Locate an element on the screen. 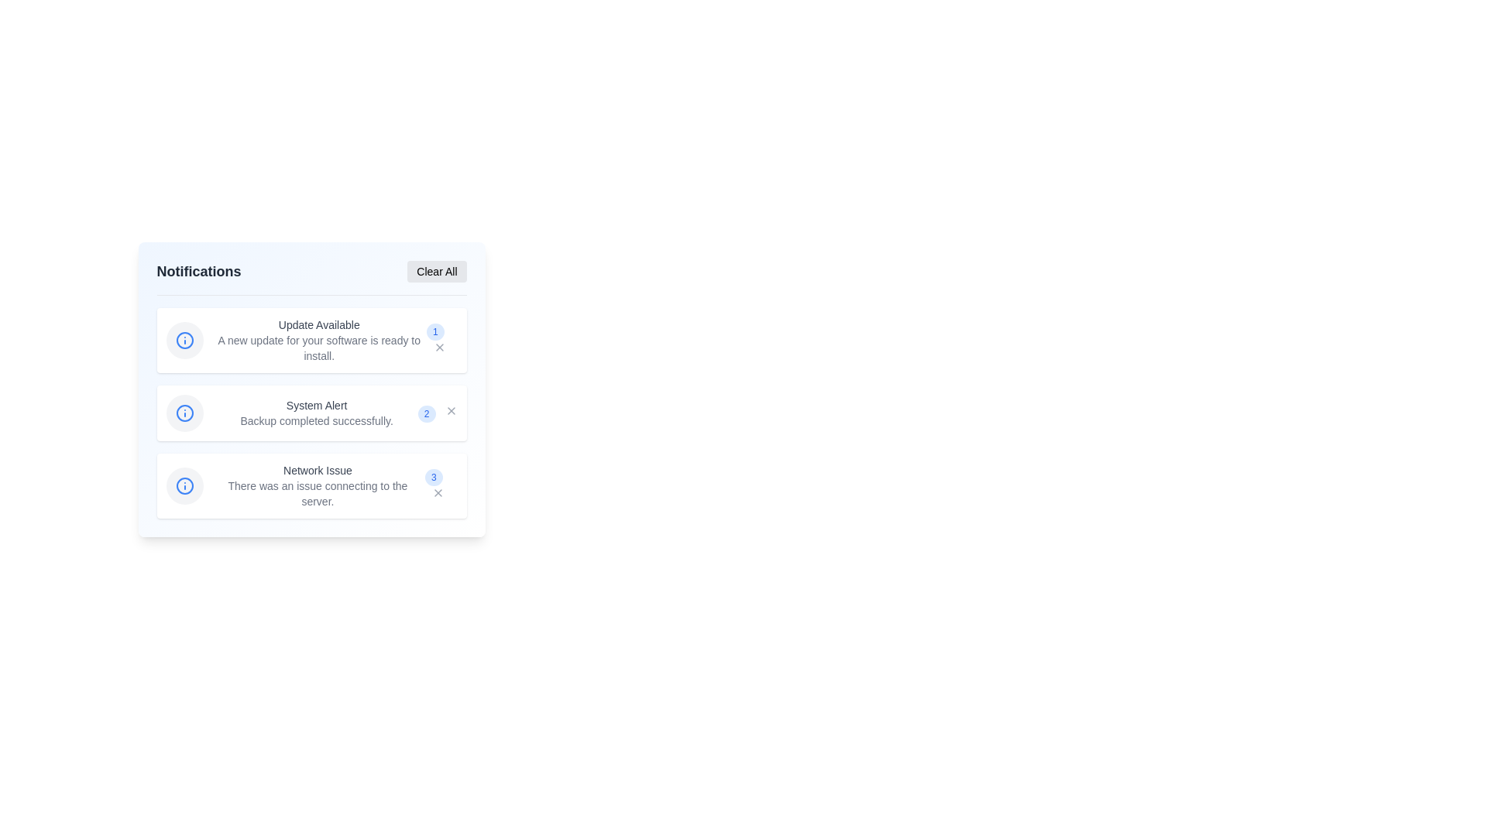  the notification text block that informs the user about an available software update is located at coordinates (318, 339).